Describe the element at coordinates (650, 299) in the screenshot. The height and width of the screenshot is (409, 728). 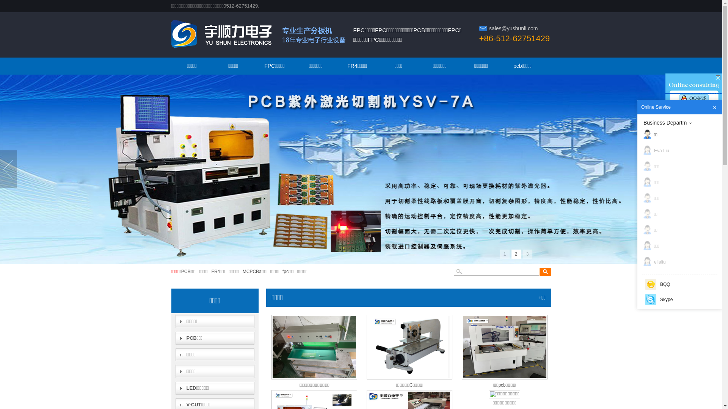
I see `'Skype'` at that location.